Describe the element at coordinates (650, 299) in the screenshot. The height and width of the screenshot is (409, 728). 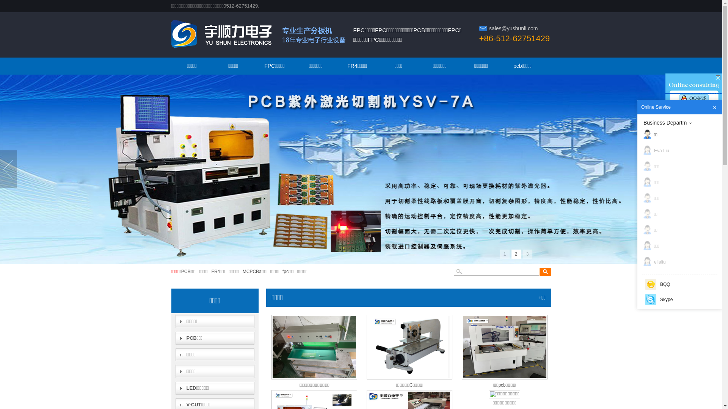
I see `'Skype'` at that location.